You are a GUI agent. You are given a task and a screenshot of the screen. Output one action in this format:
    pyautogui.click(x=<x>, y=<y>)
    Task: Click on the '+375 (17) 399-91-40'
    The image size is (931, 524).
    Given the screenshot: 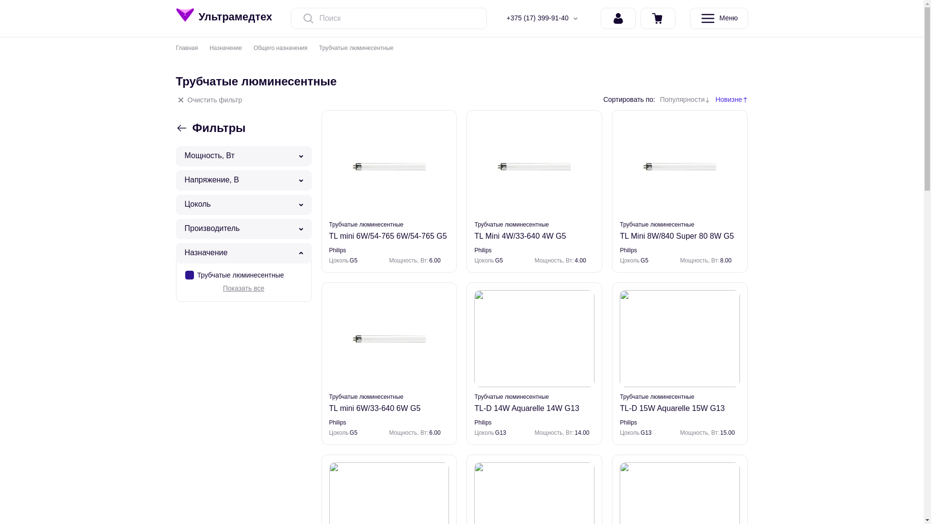 What is the action you would take?
    pyautogui.click(x=544, y=18)
    